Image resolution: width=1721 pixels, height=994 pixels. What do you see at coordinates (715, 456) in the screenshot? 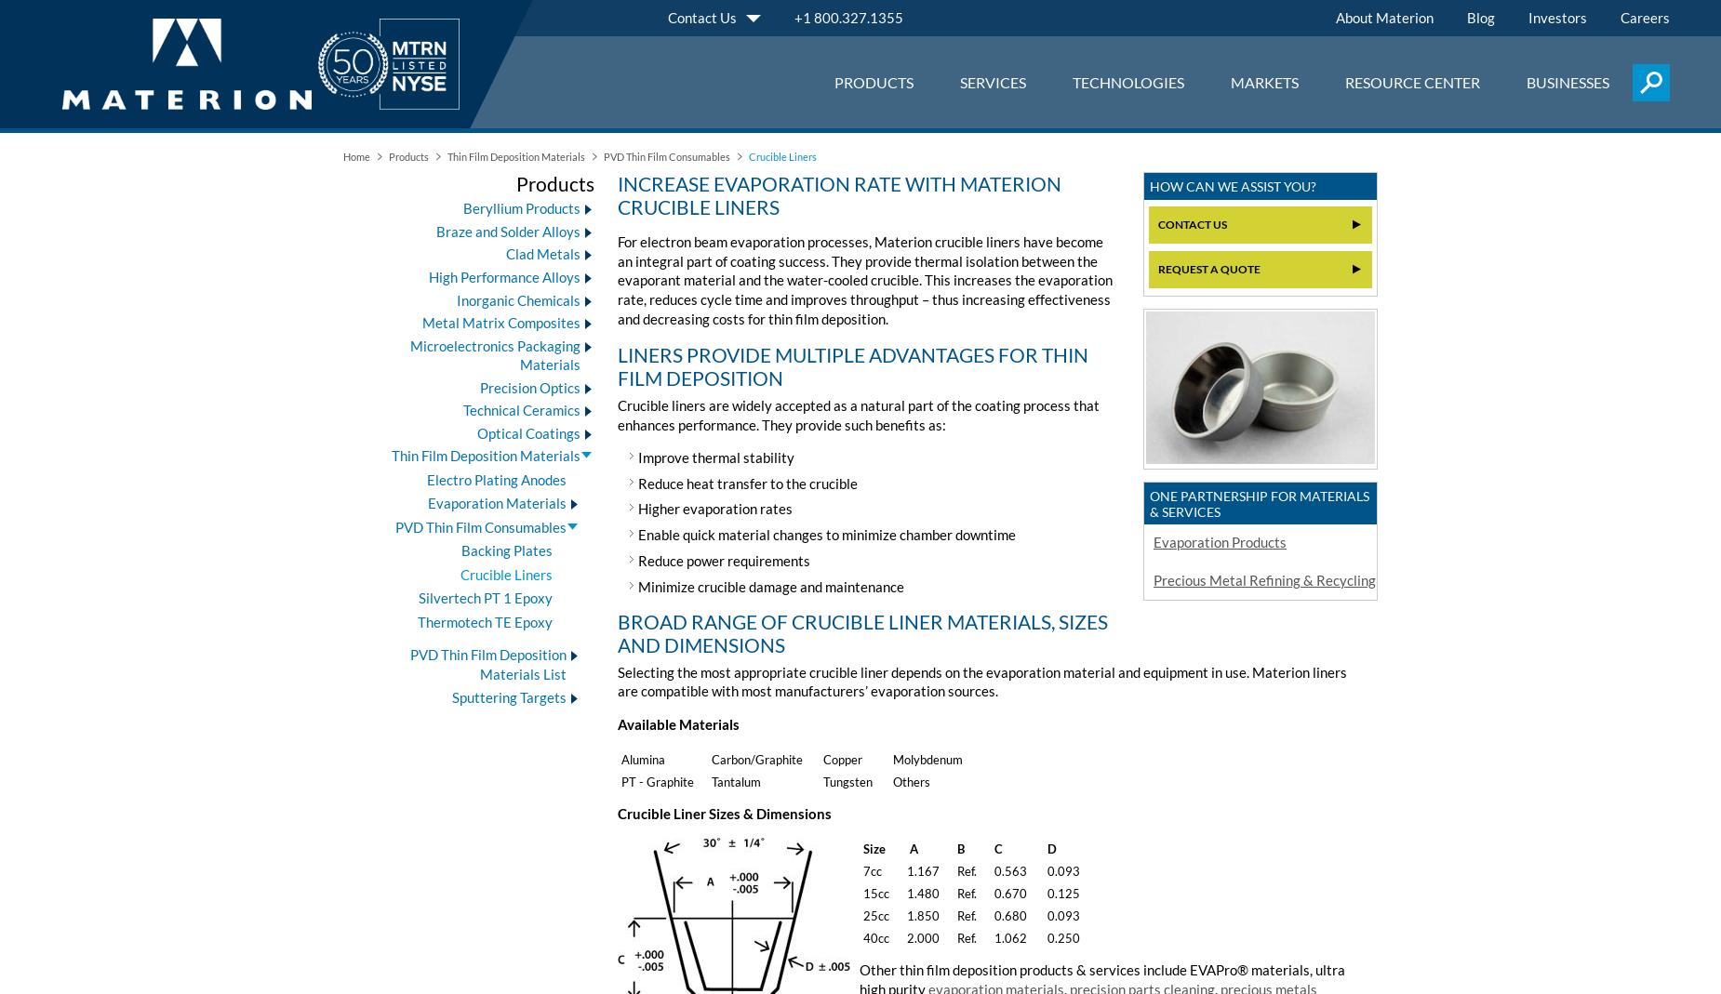
I see `'Improve thermal stability'` at bounding box center [715, 456].